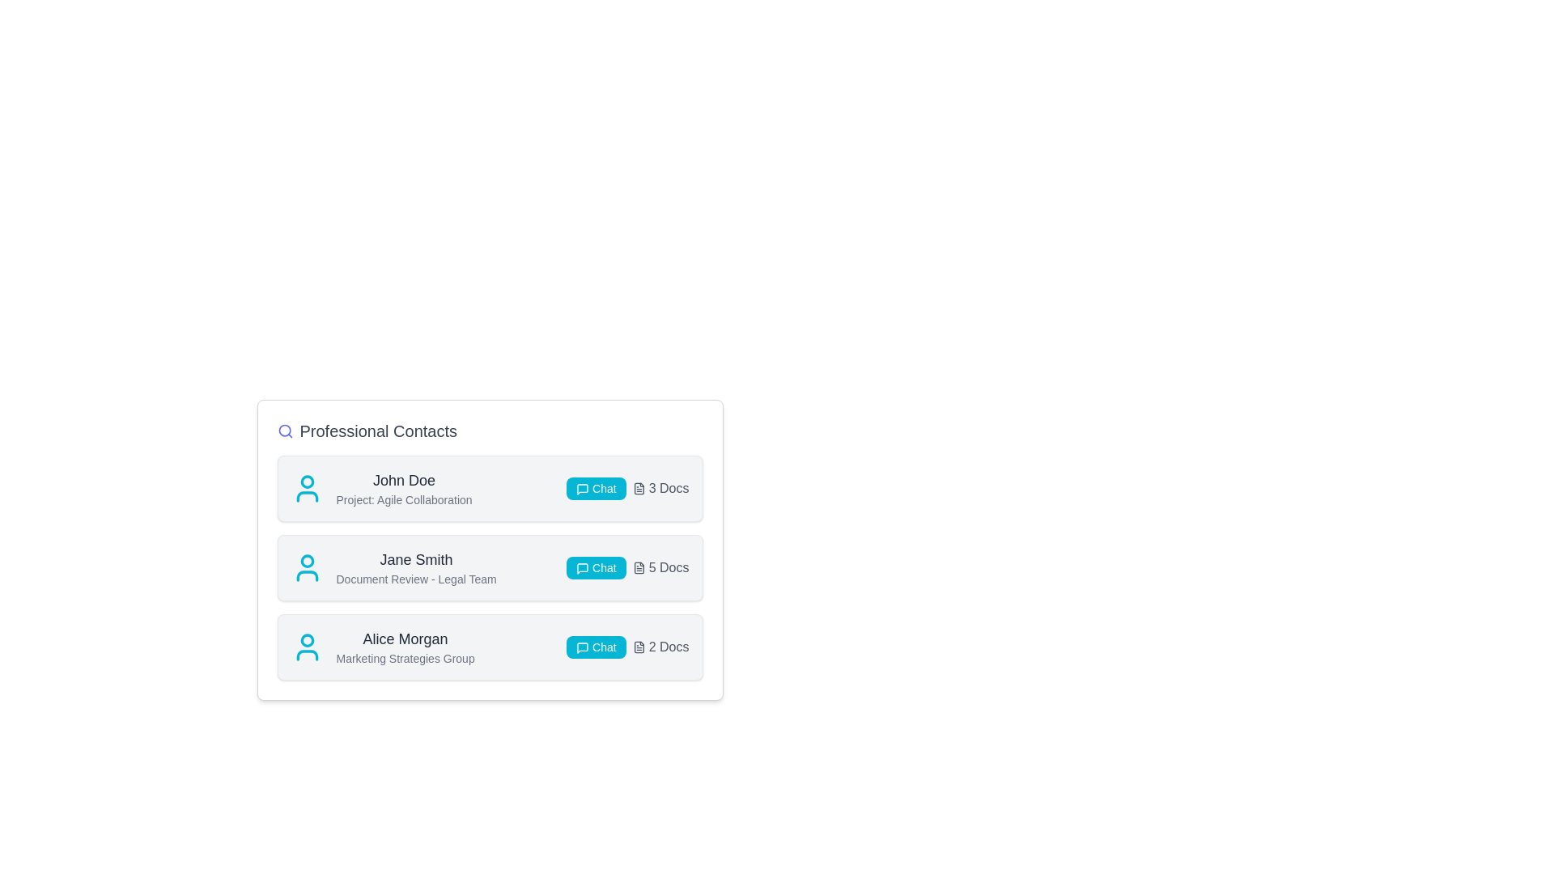  I want to click on the element Jane Smith to reveal its tooltip or additional information, so click(416, 558).